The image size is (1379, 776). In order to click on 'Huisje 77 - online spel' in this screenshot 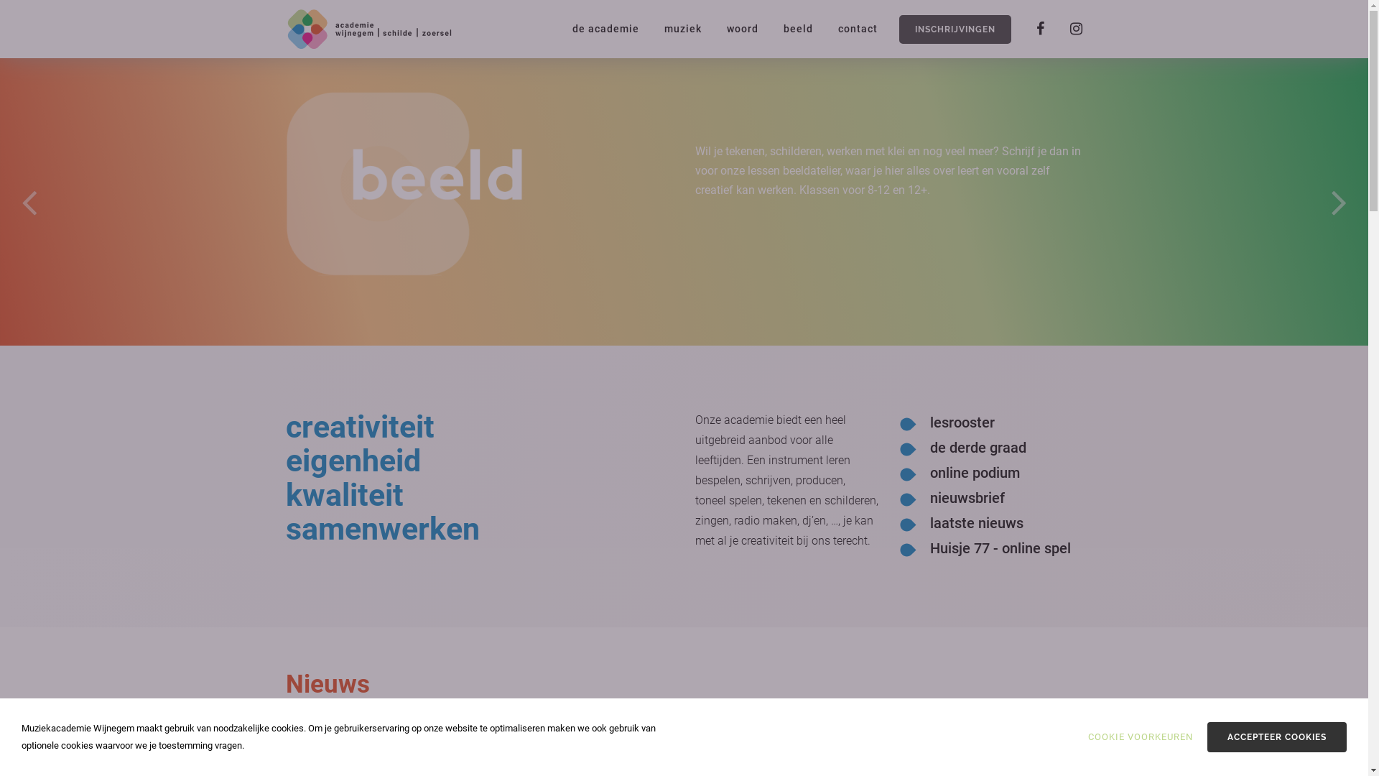, I will do `click(999, 548)`.